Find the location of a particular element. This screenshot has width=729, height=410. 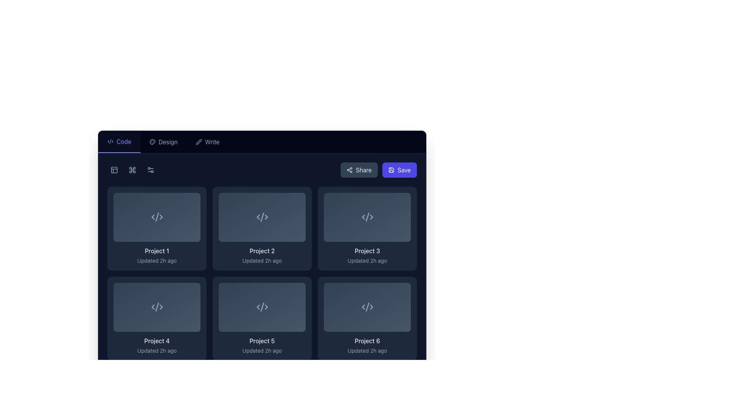

the vector graphic icon representing the 'write' or 'edit' function located in the header area of the interface is located at coordinates (199, 142).